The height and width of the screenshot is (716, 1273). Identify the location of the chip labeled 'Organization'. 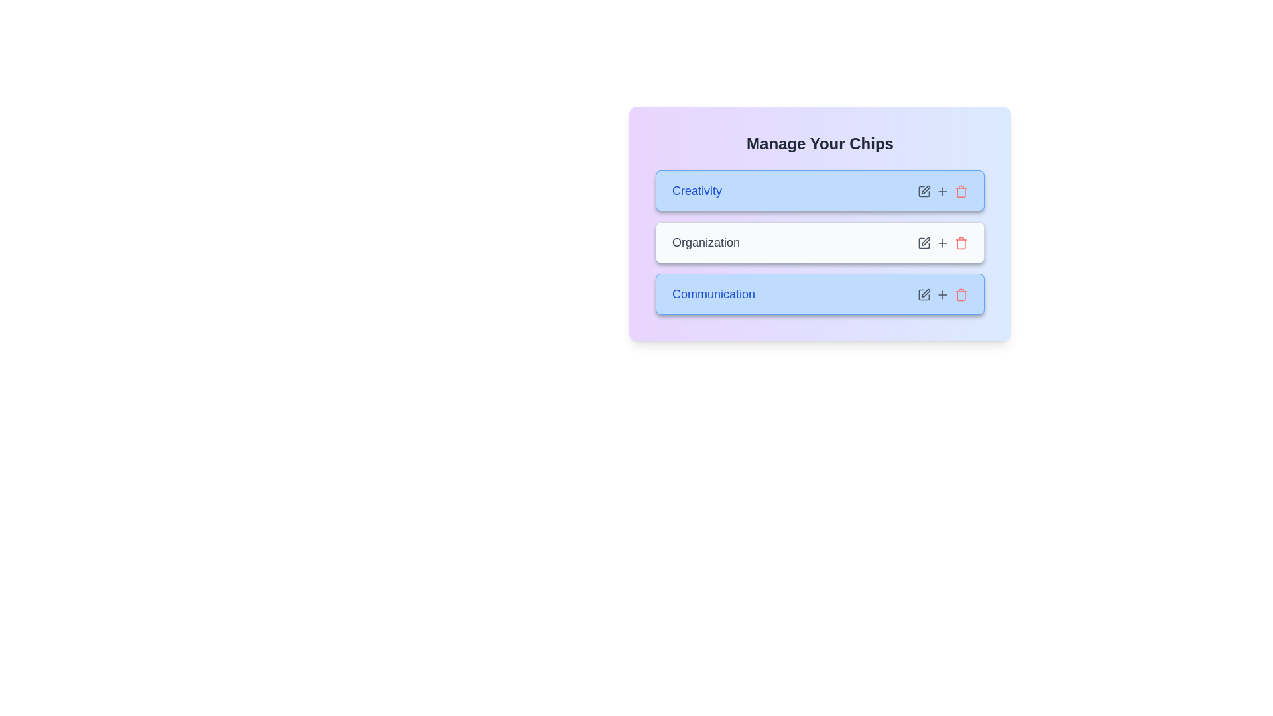
(819, 243).